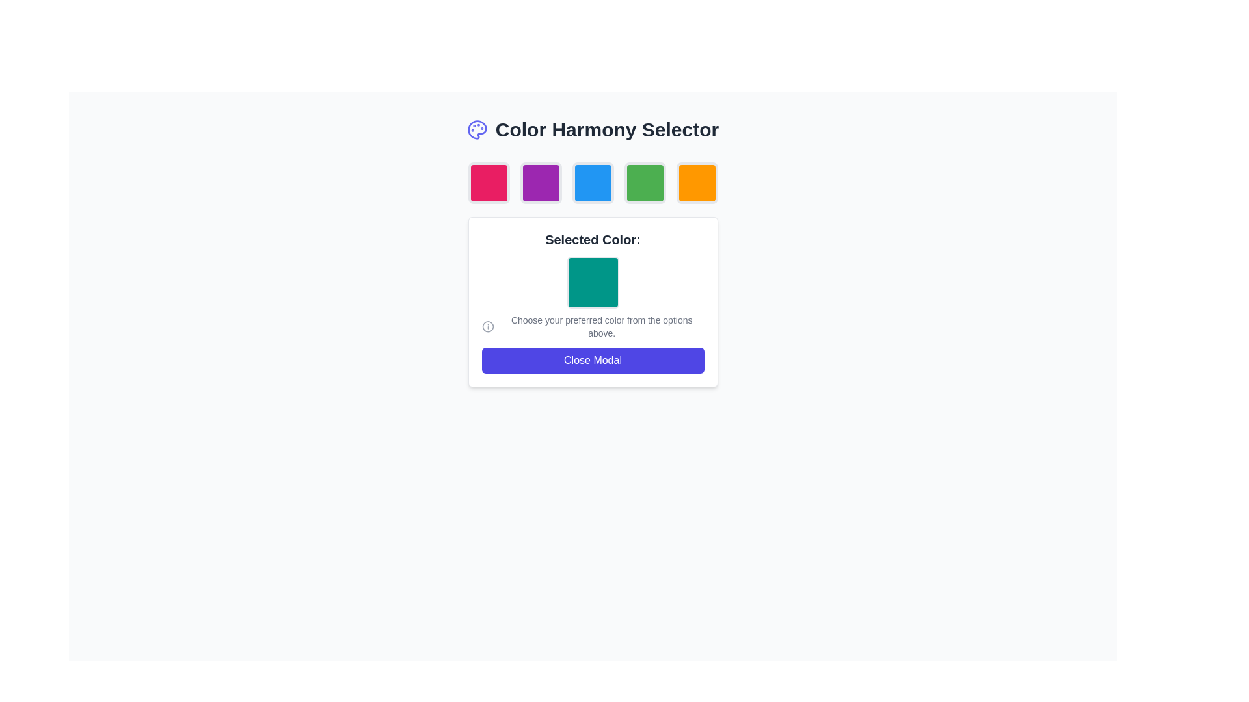 This screenshot has width=1249, height=702. What do you see at coordinates (476, 130) in the screenshot?
I see `the non-interactive icon representing color harmony in the 'Color Harmony Selector' group, located at the top of the interface` at bounding box center [476, 130].